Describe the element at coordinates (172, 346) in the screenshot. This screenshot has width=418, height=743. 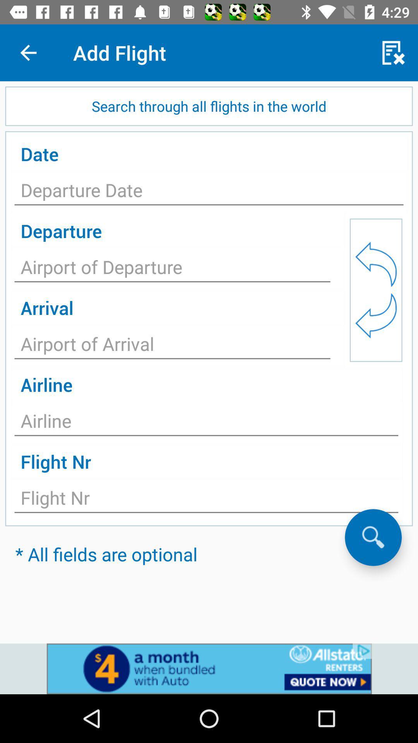
I see `arrival time to given` at that location.